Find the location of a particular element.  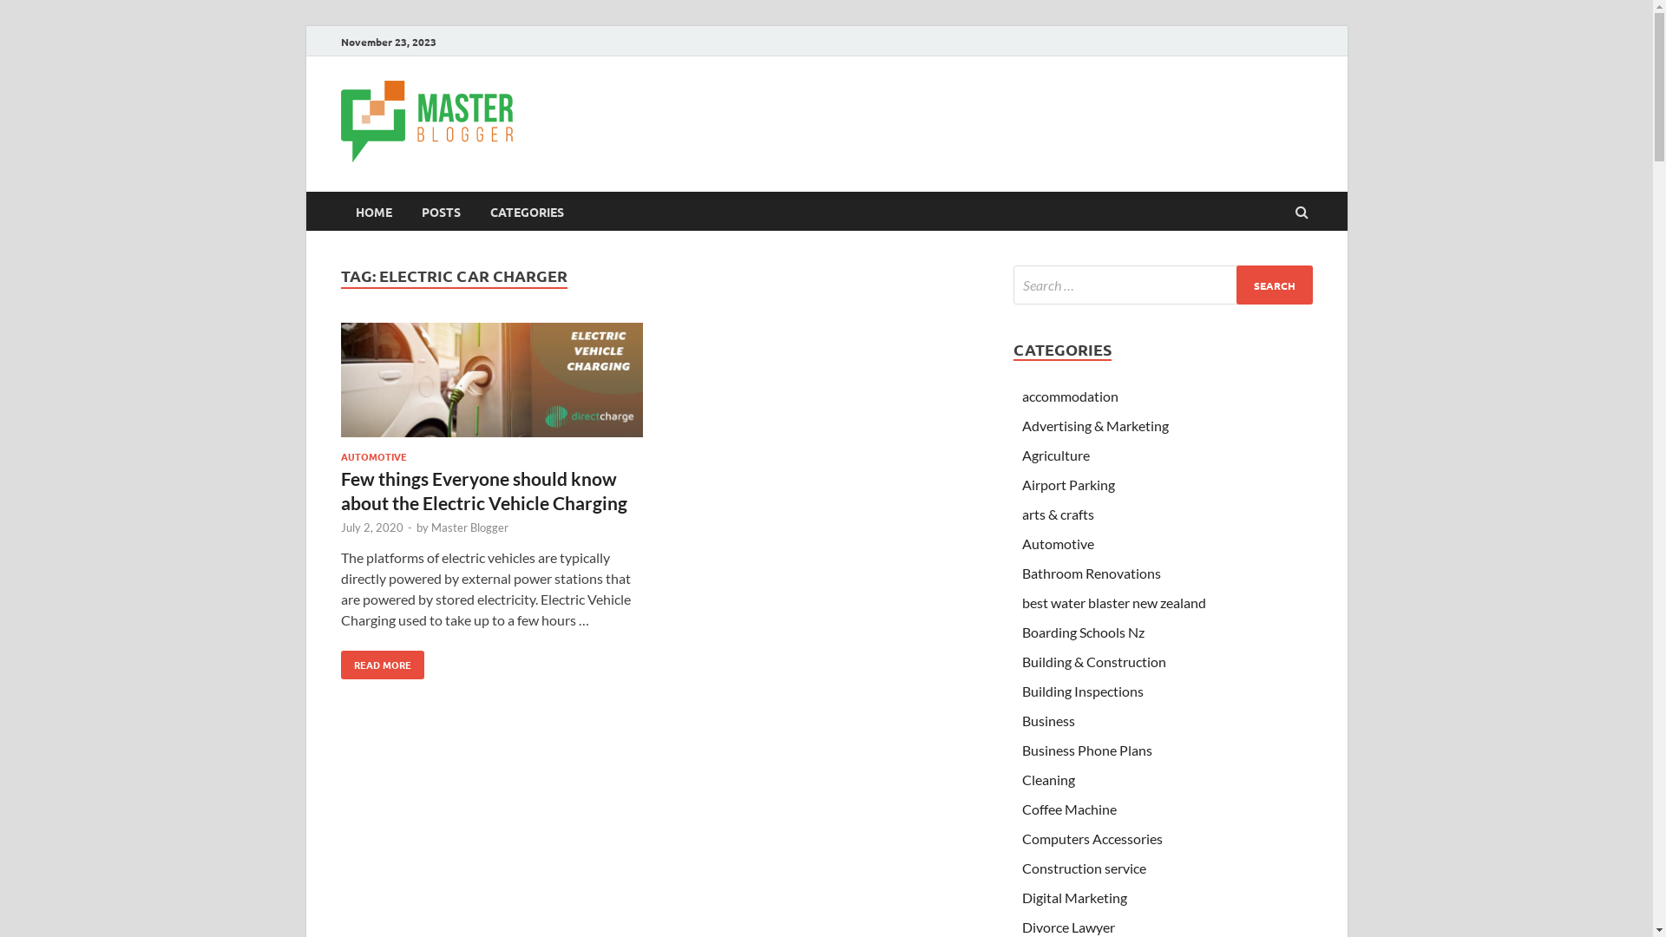

'July 2, 2020' is located at coordinates (370, 527).